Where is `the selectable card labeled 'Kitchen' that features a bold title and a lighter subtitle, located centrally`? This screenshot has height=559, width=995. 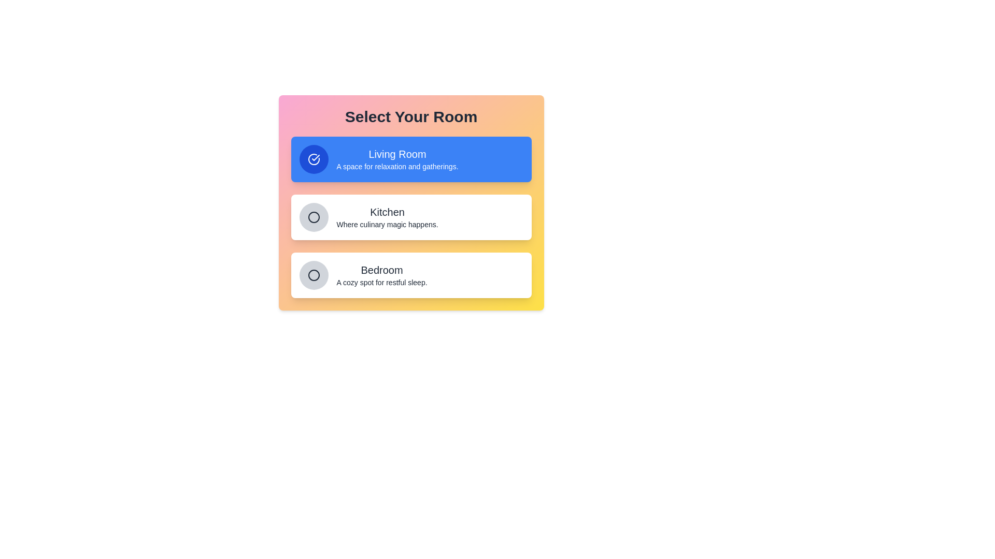
the selectable card labeled 'Kitchen' that features a bold title and a lighter subtitle, located centrally is located at coordinates (410, 217).